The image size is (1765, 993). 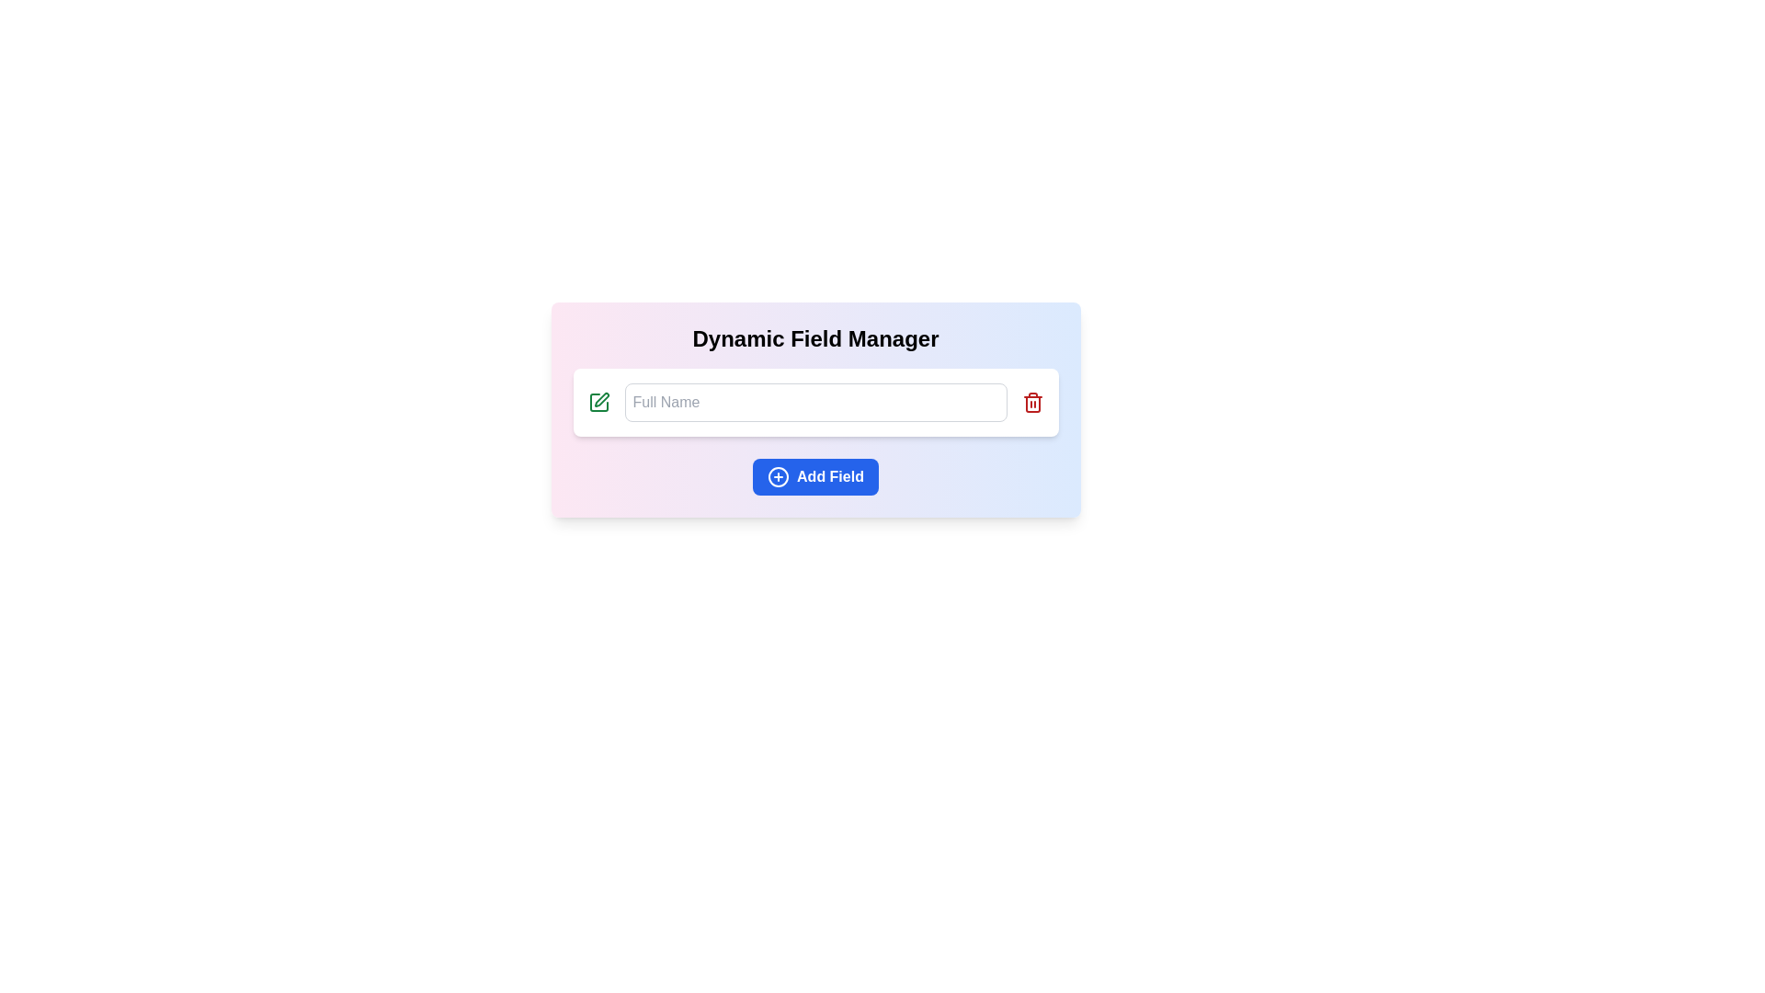 What do you see at coordinates (829, 476) in the screenshot?
I see `the 'Add Field' text label displayed in white color on the vibrant blue button, which is centrally aligned within the button` at bounding box center [829, 476].